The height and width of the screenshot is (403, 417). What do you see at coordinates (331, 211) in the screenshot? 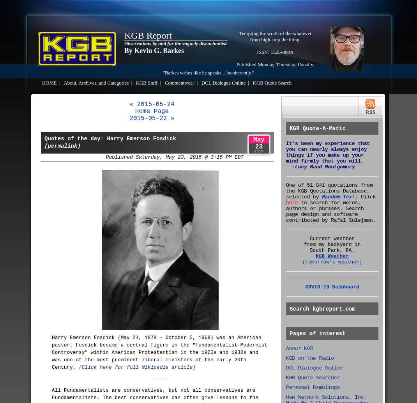
I see `'to search
for words, authors or phrases. Search page design and software contributed by Rafal Sulejman.'` at bounding box center [331, 211].